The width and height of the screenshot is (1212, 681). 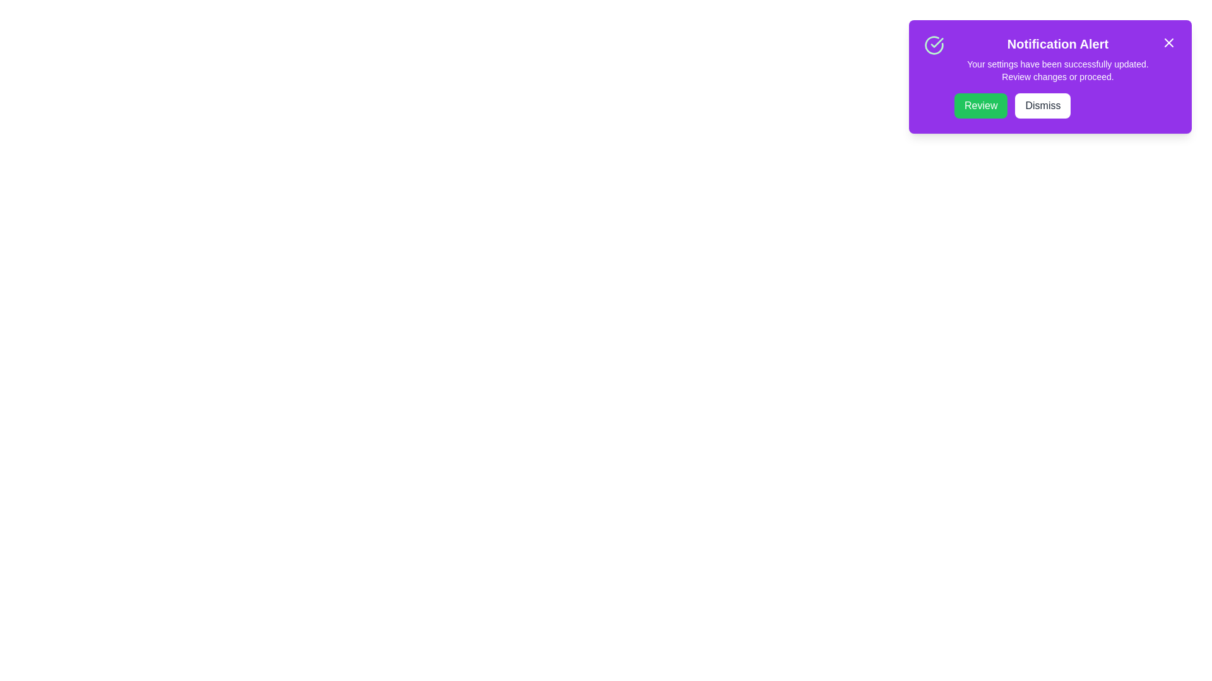 I want to click on message content of the text block element displaying 'Your settings have been successfully updated. Review changes or proceed.' which is located below the 'Notification Alert' title, so click(x=1057, y=70).